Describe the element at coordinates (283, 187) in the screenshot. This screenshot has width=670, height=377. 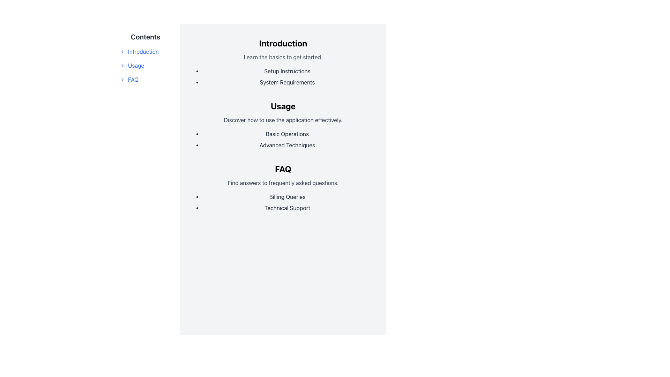
I see `the 'FAQ' content section, which features a bold title, a subtitle, and bullet points for 'Billing Queries' and 'Technical Support'` at that location.